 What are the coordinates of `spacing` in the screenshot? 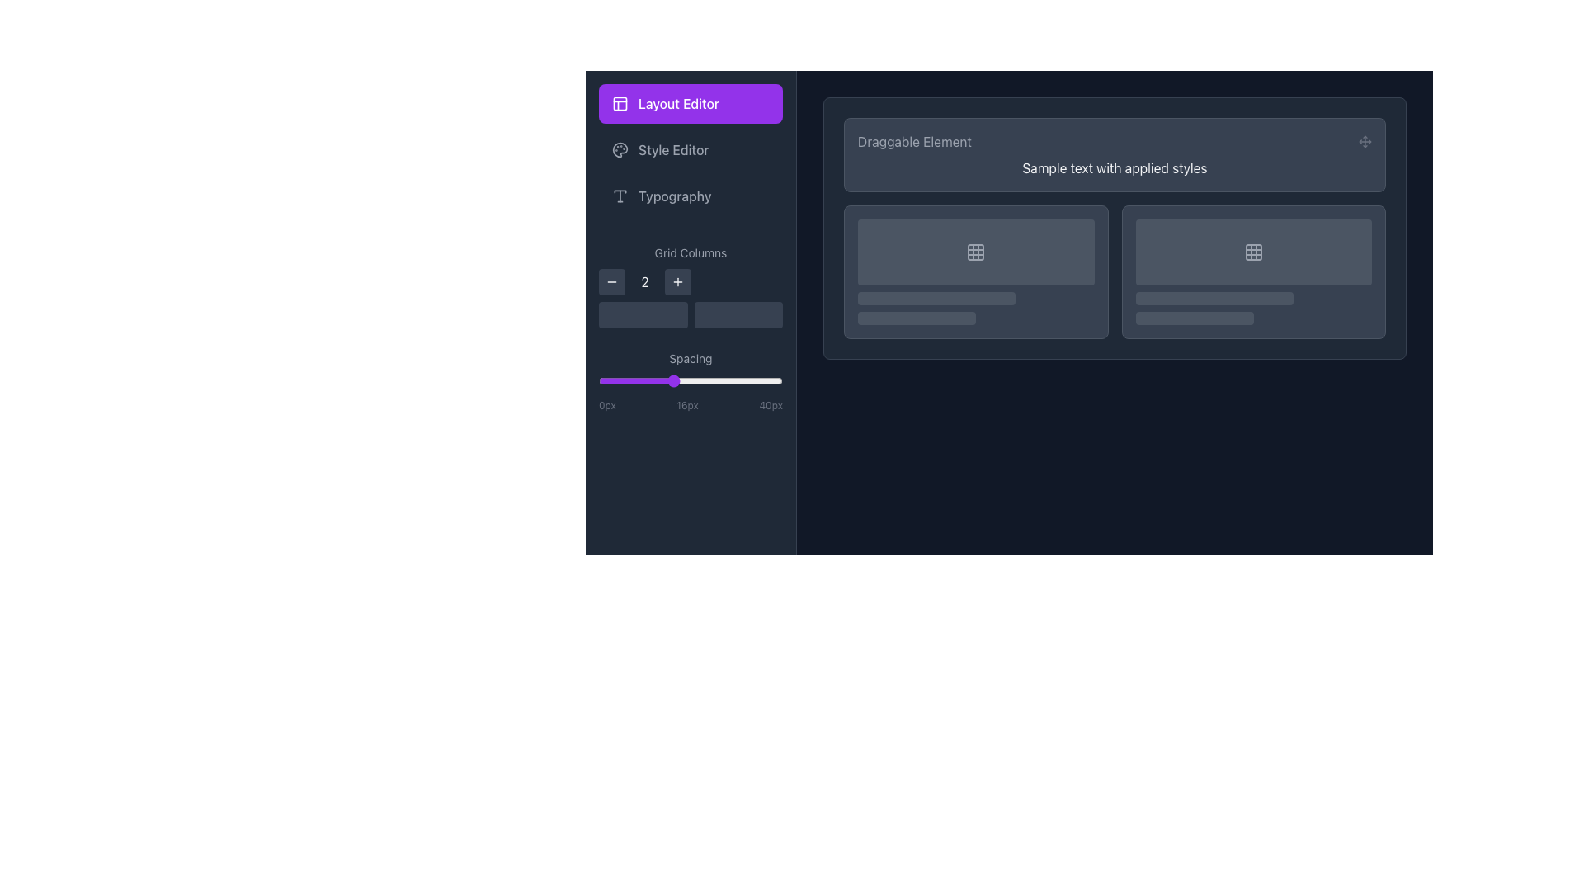 It's located at (768, 381).